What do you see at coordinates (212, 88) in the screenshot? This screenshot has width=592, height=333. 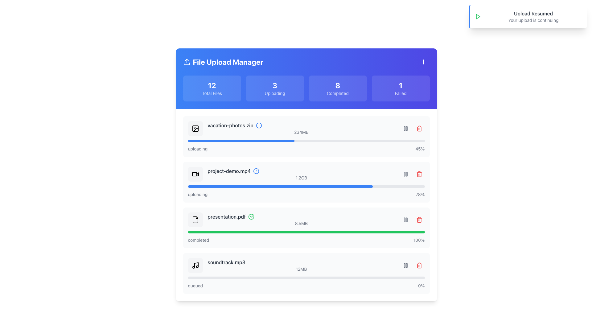 I see `the informative card displaying the total number of files managed, which shows the number '12'. This card is the leftmost in a row of four cards, located above the file details section` at bounding box center [212, 88].